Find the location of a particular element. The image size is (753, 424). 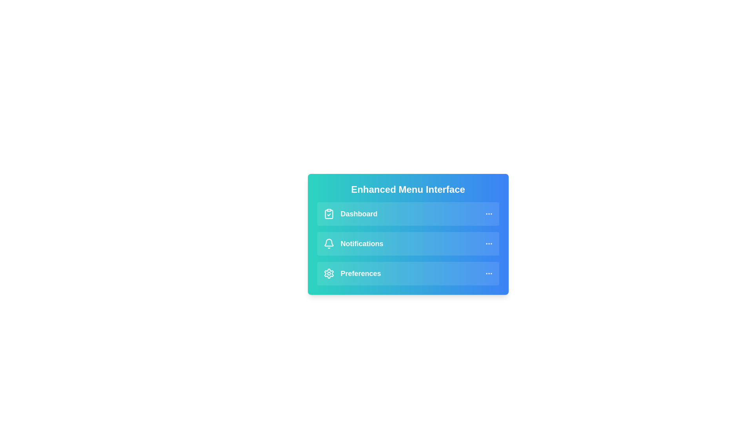

the 'Notifications' menu option, which is the second item in the vertical list of menu options is located at coordinates (353, 243).